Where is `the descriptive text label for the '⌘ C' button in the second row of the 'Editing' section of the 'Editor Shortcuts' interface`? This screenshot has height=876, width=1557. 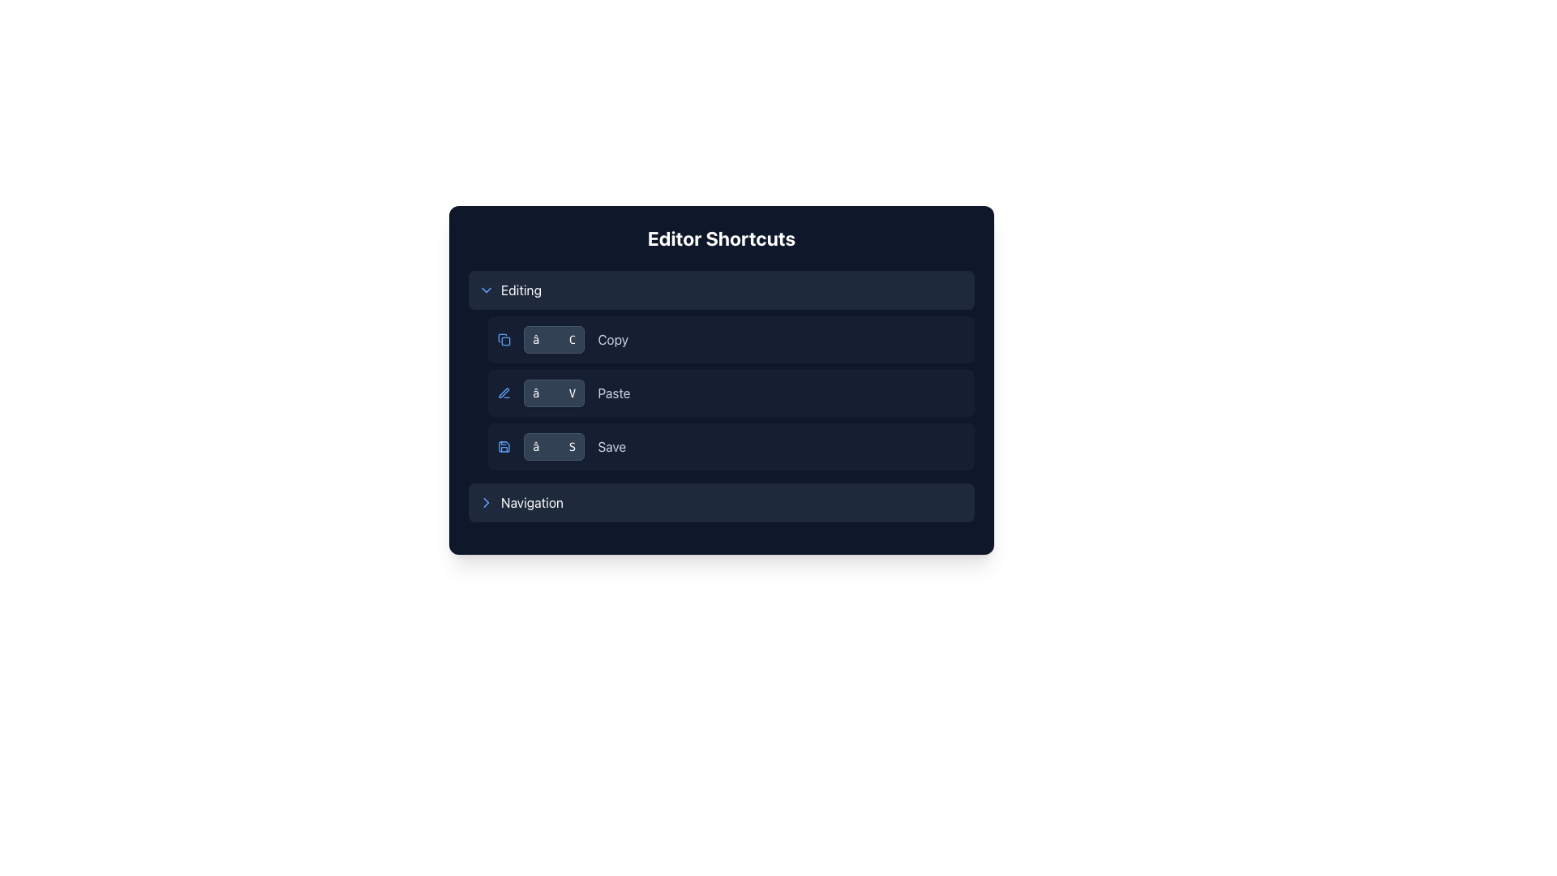
the descriptive text label for the '⌘ C' button in the second row of the 'Editing' section of the 'Editor Shortcuts' interface is located at coordinates (612, 339).